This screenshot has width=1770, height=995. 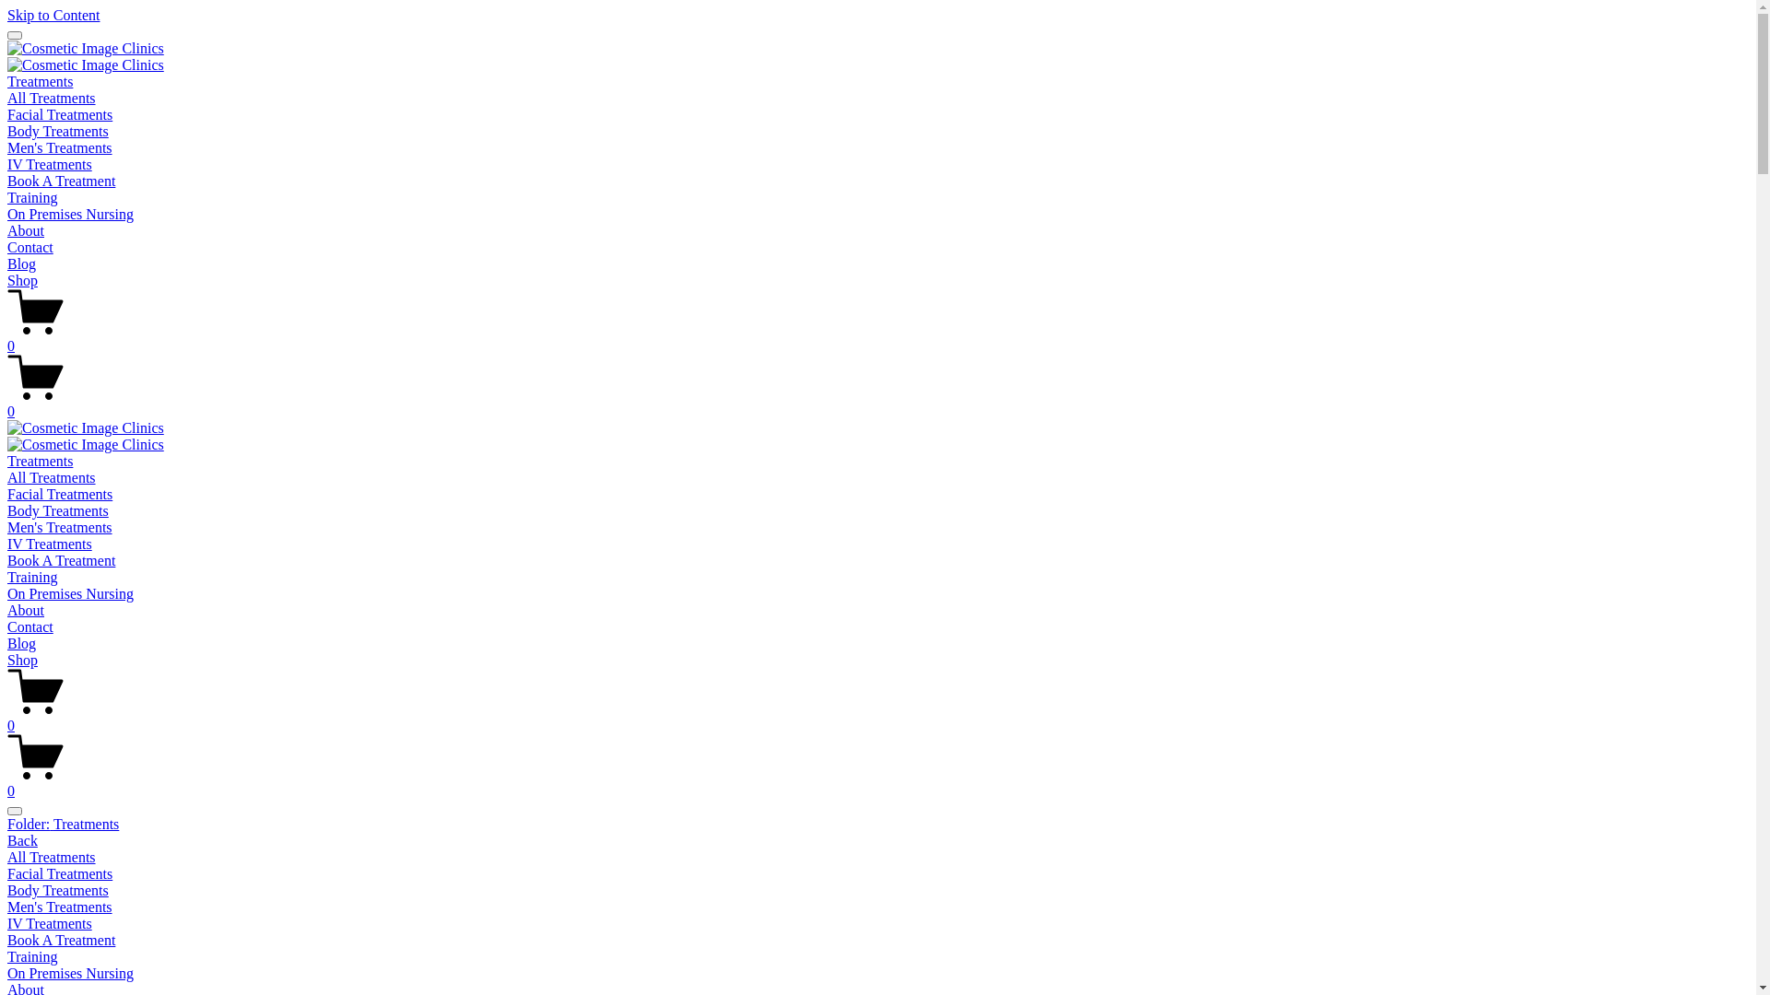 I want to click on 'About', so click(x=26, y=610).